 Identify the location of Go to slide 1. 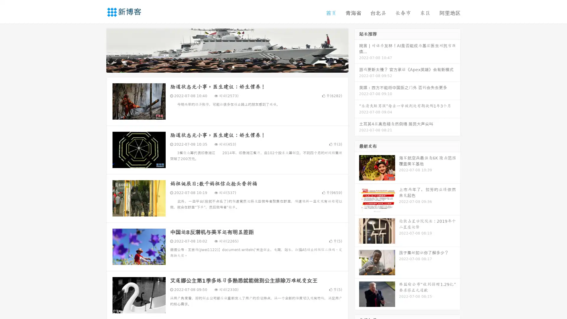
(221, 66).